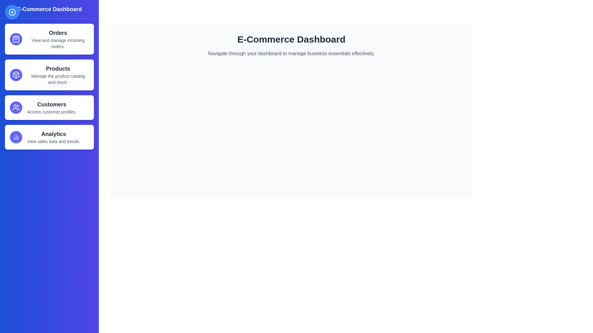  What do you see at coordinates (49, 75) in the screenshot?
I see `the menu item labeled Products` at bounding box center [49, 75].